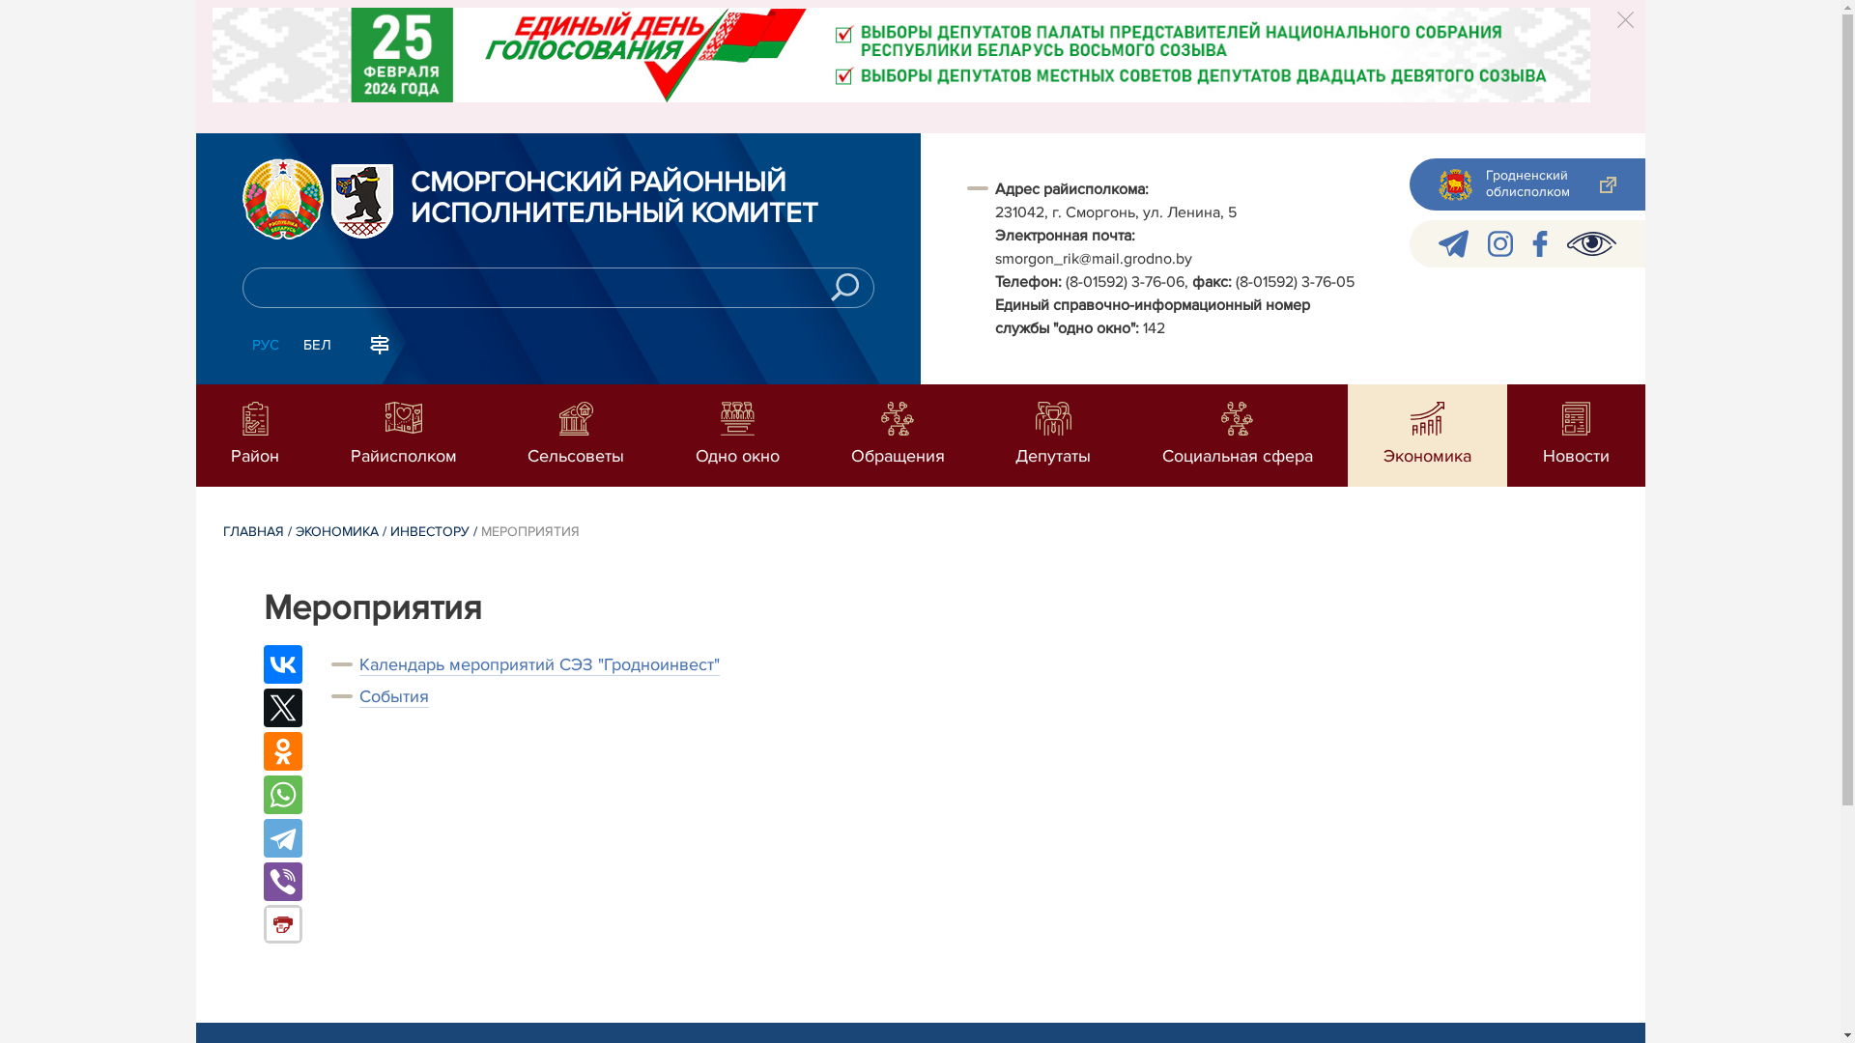 The height and width of the screenshot is (1043, 1855). I want to click on 'Viber', so click(281, 882).